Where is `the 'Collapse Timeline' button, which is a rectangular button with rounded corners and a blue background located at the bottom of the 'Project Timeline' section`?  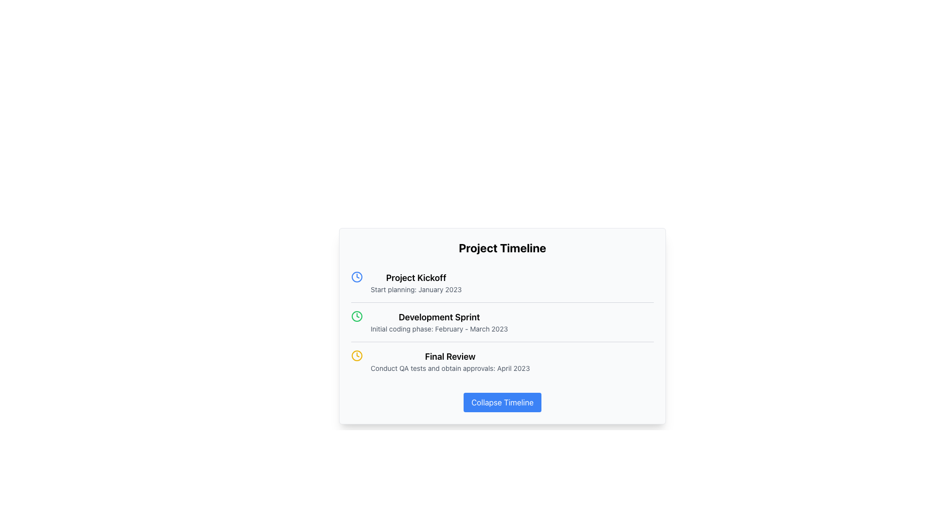 the 'Collapse Timeline' button, which is a rectangular button with rounded corners and a blue background located at the bottom of the 'Project Timeline' section is located at coordinates (502, 402).